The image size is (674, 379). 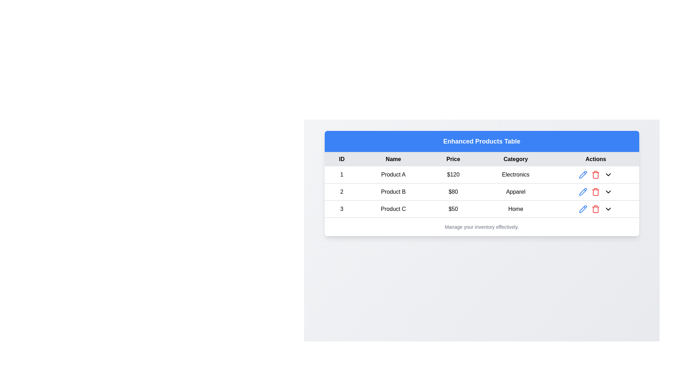 What do you see at coordinates (342, 192) in the screenshot?
I see `the centered text label displaying the number '2' located in the second row of the table, which represents the ID column for 'Product B'` at bounding box center [342, 192].